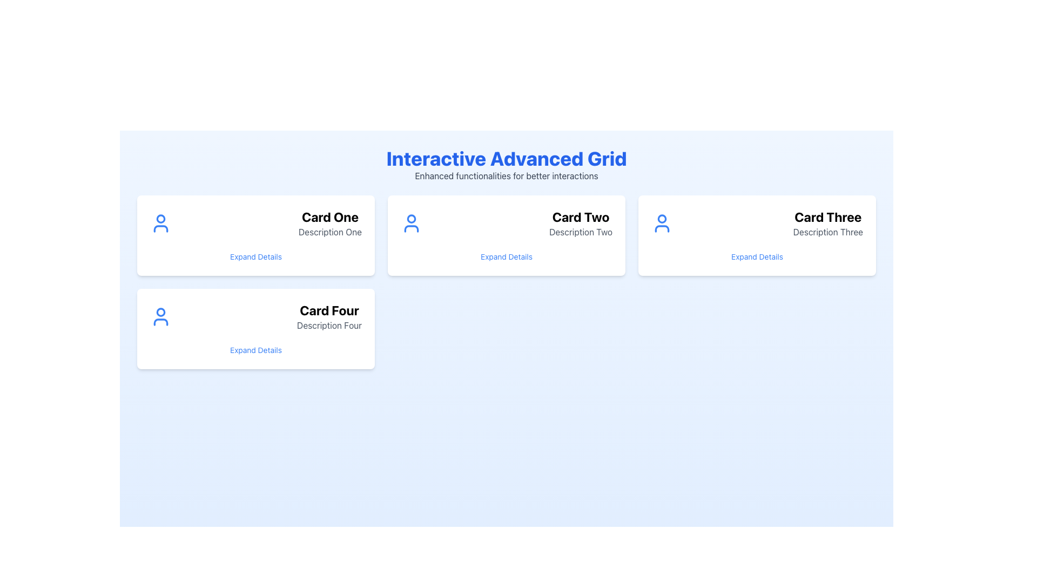  Describe the element at coordinates (756, 256) in the screenshot. I see `the interactive link located at the bottom of 'Card Three,' under 'Description Three,'` at that location.